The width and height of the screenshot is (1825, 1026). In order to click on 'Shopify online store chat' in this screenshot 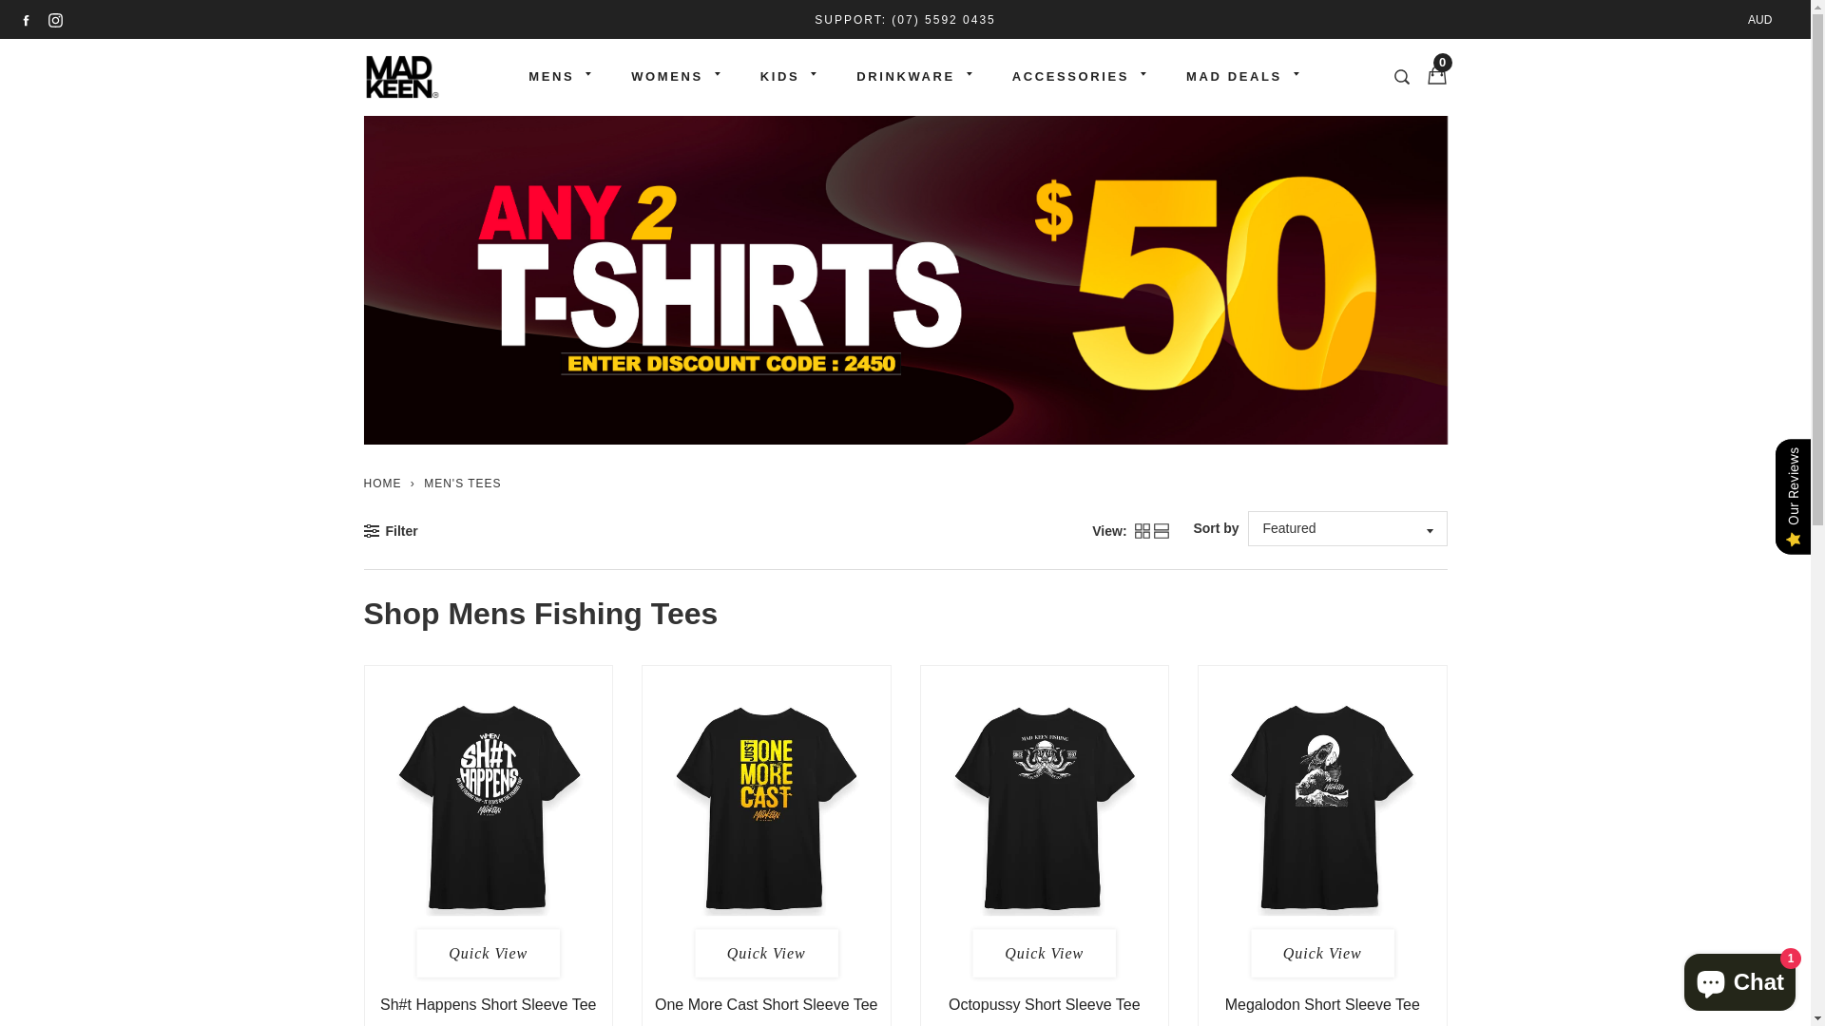, I will do `click(1679, 978)`.